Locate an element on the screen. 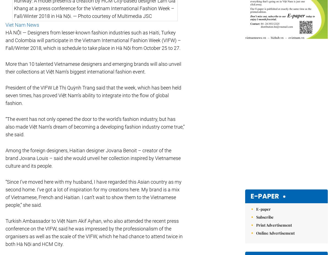  'Talking Shop' is located at coordinates (97, 158).